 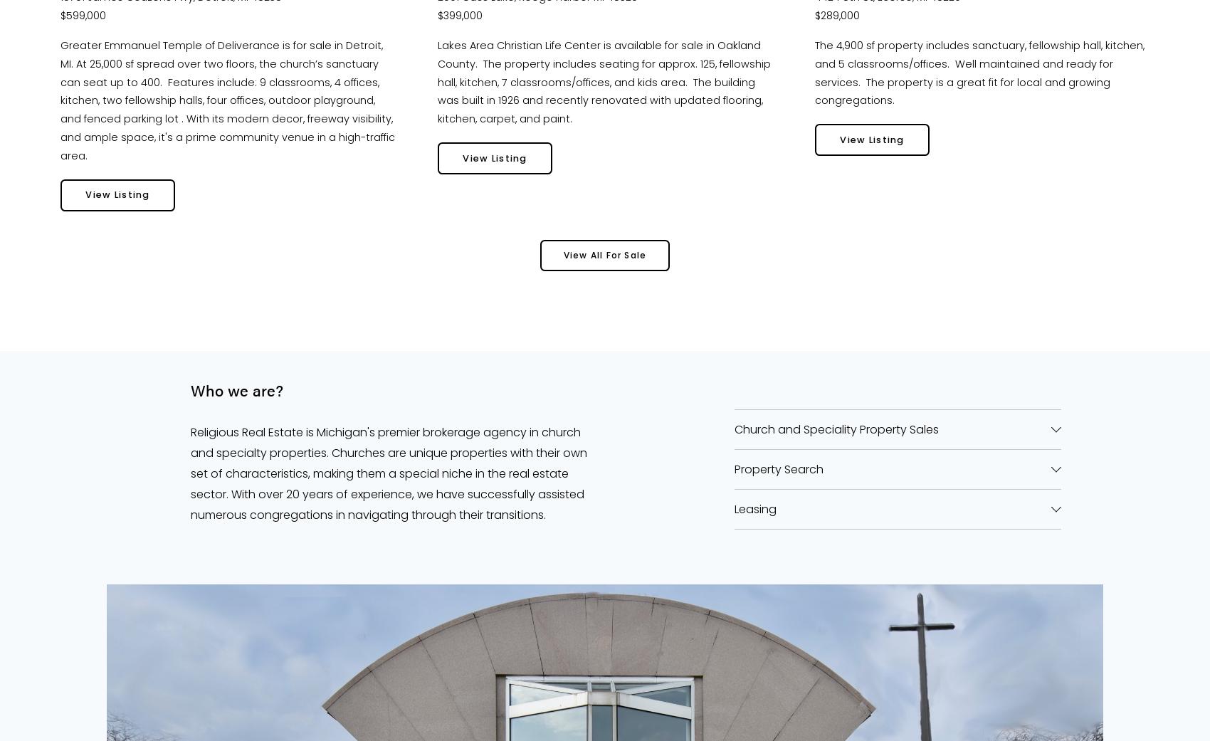 I want to click on 'Contact Us', so click(x=604, y=353).